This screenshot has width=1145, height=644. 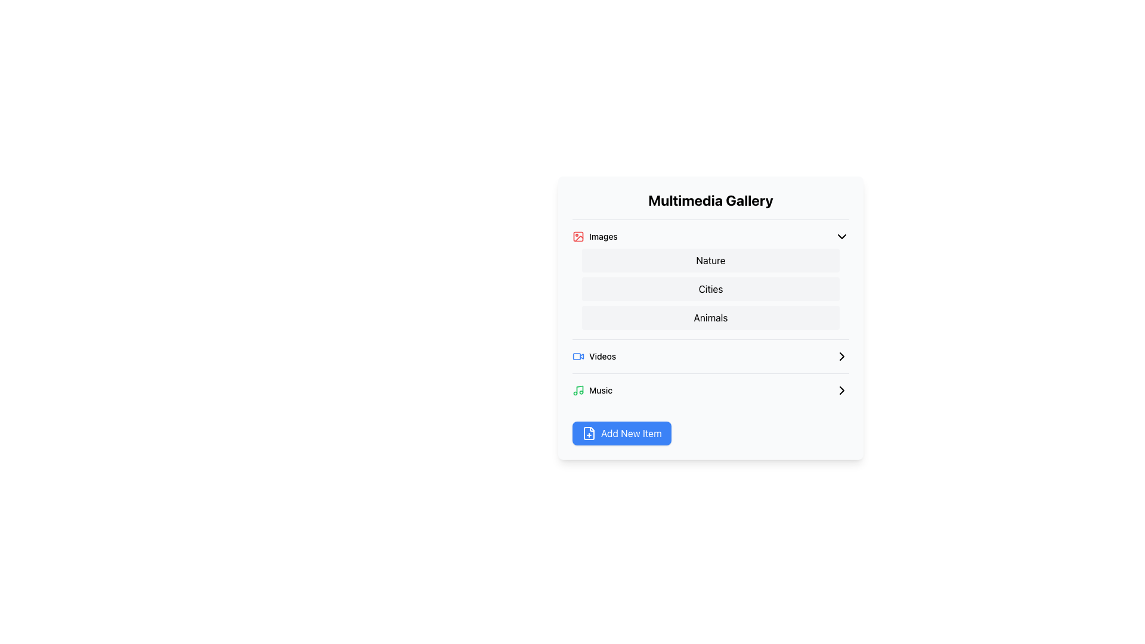 I want to click on the 'Cities' option in the Dropdown menu located beneath the 'Multimedia Gallery' title, which includes 'Images' as a section header, so click(x=710, y=279).